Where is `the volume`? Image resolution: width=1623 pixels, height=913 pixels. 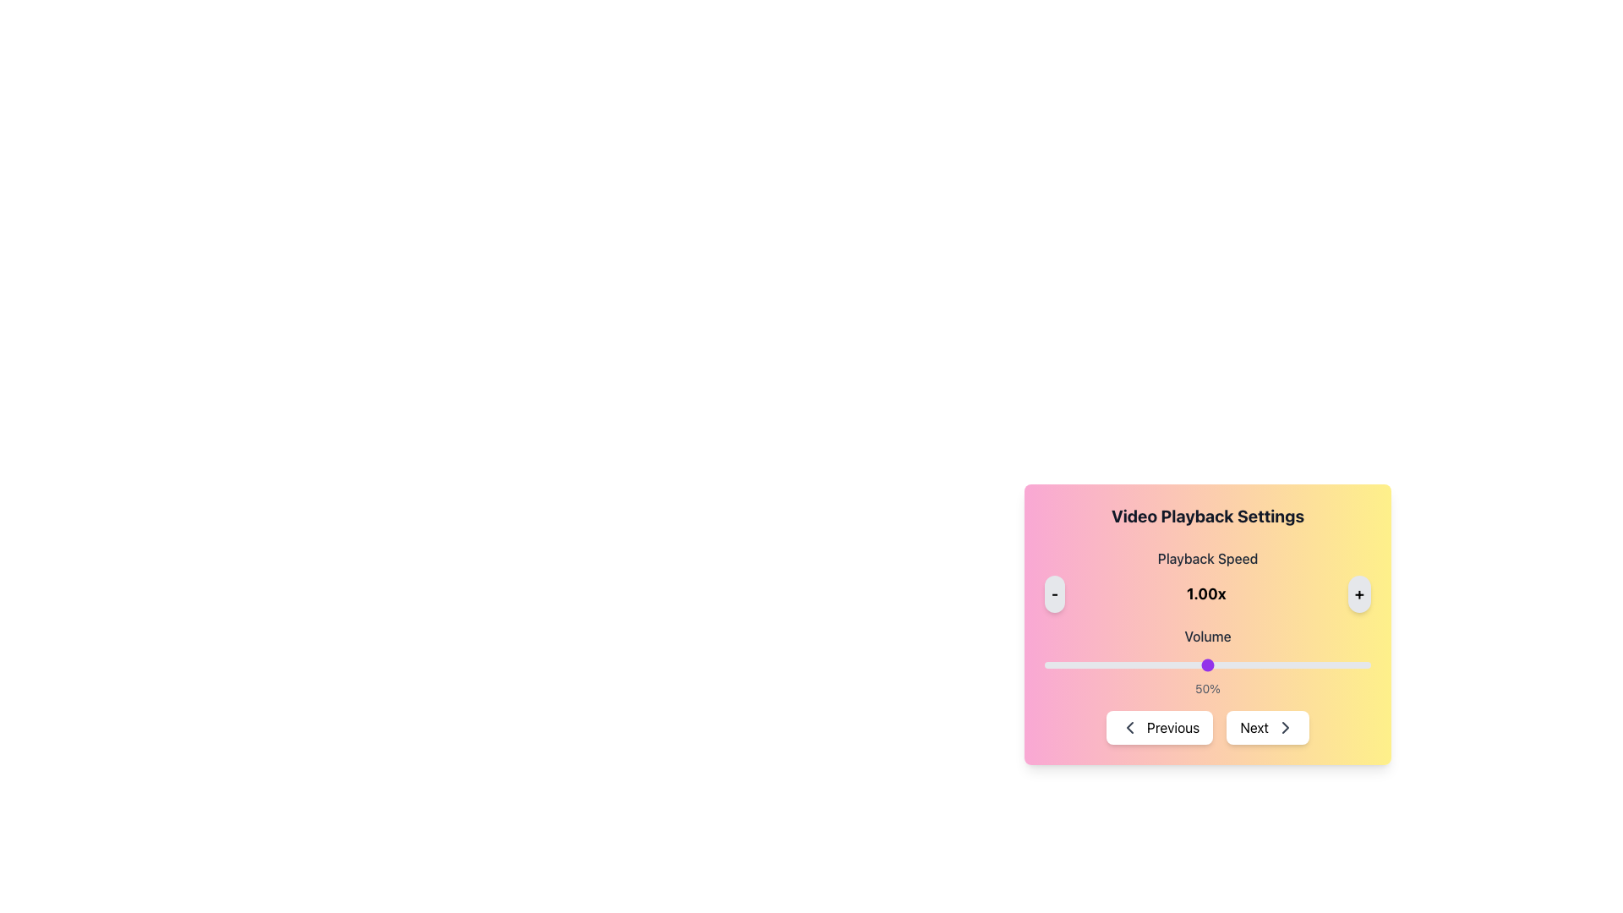
the volume is located at coordinates (1233, 664).